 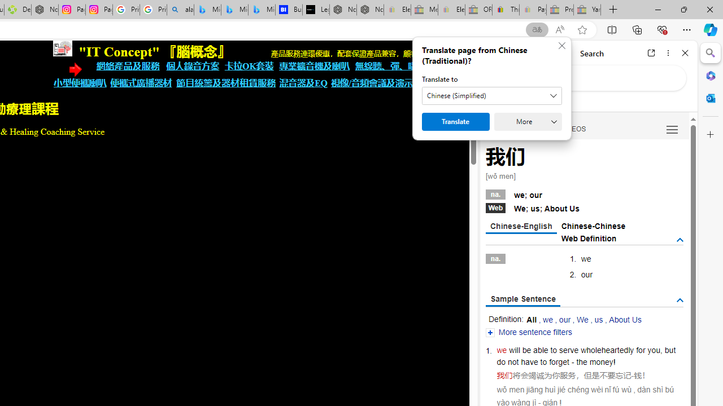 What do you see at coordinates (584, 193) in the screenshot?
I see `'na.we; our'` at bounding box center [584, 193].